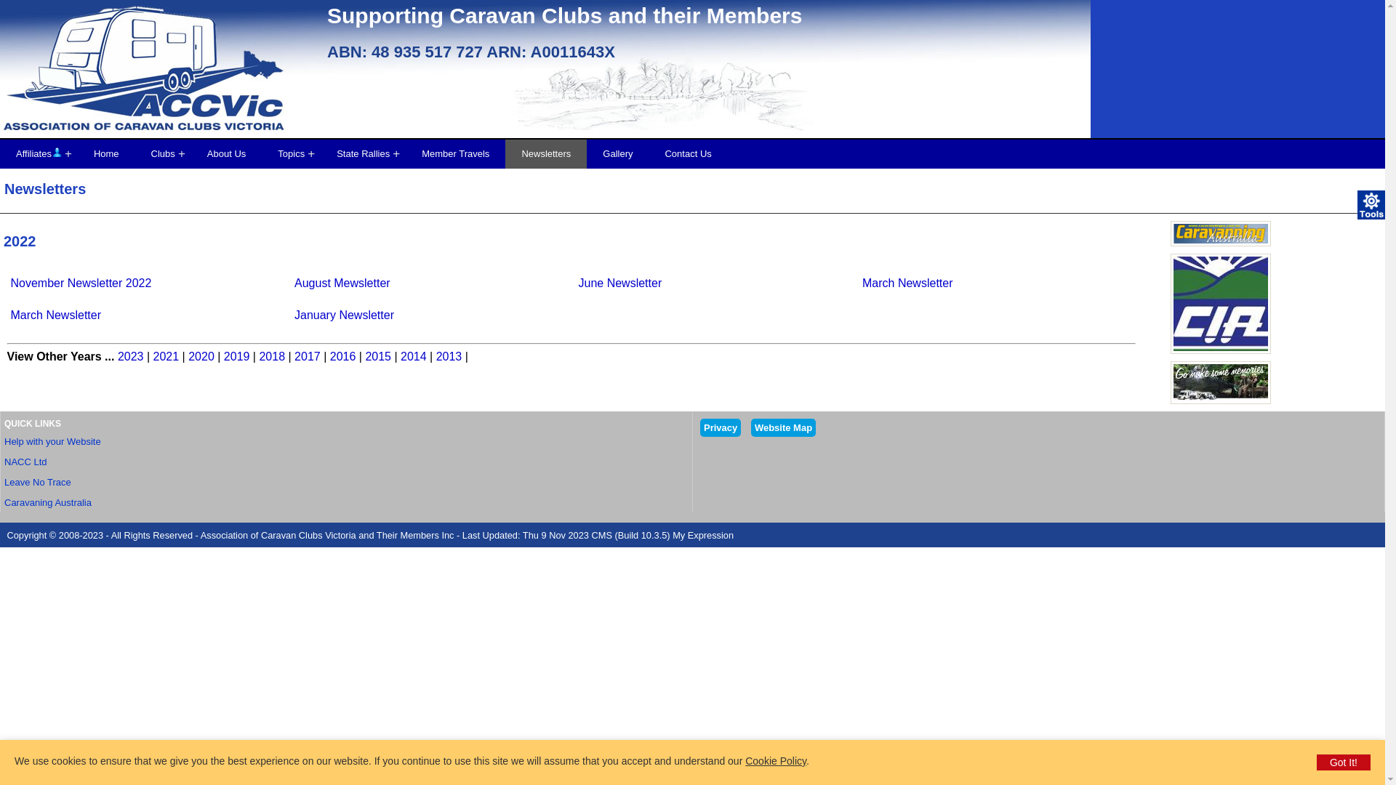  I want to click on '2018', so click(272, 356).